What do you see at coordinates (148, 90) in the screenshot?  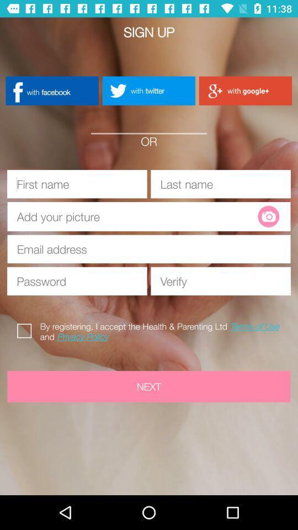 I see `the with twitter item` at bounding box center [148, 90].